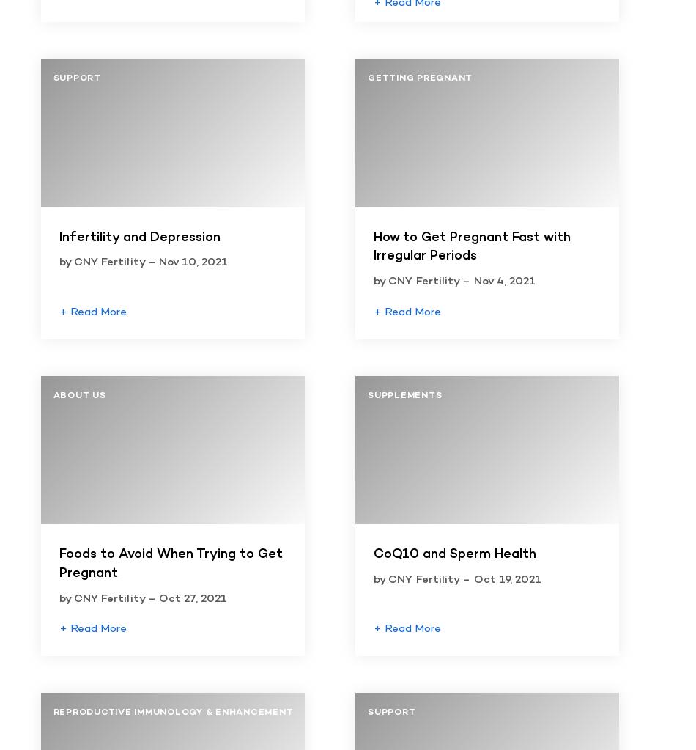 Image resolution: width=696 pixels, height=750 pixels. I want to click on 'Infertility and Depression', so click(139, 237).